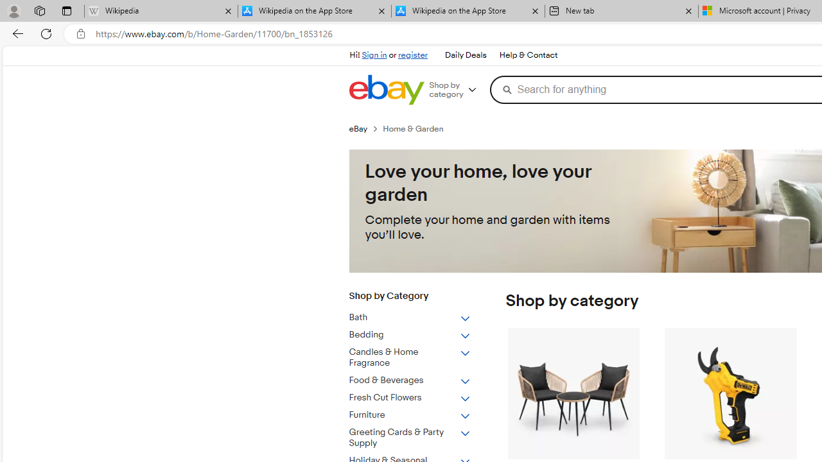 The height and width of the screenshot is (462, 822). What do you see at coordinates (39, 10) in the screenshot?
I see `'Workspaces'` at bounding box center [39, 10].